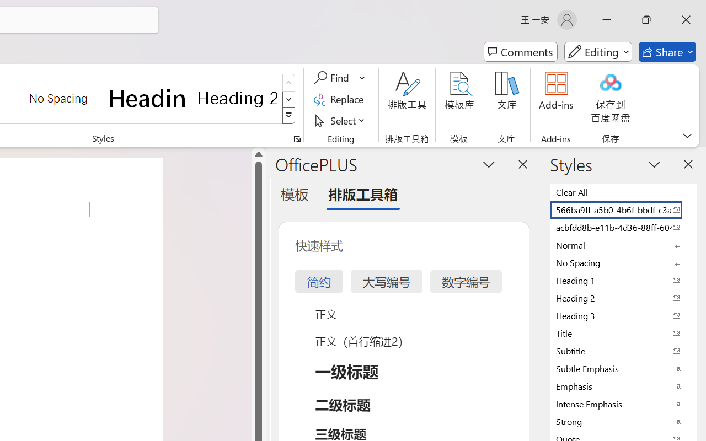 The height and width of the screenshot is (441, 706). I want to click on 'Line up', so click(258, 154).